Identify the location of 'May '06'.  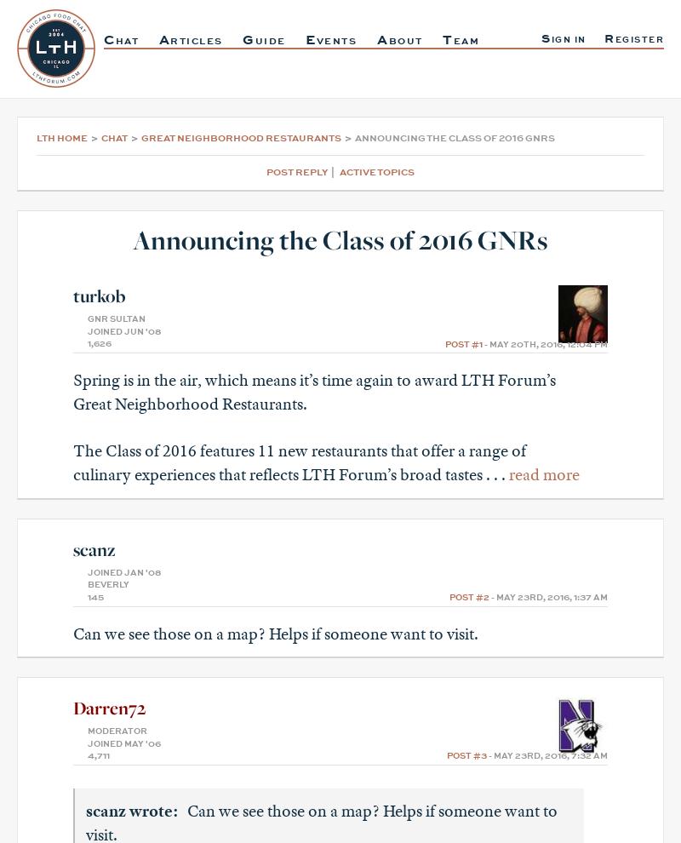
(124, 743).